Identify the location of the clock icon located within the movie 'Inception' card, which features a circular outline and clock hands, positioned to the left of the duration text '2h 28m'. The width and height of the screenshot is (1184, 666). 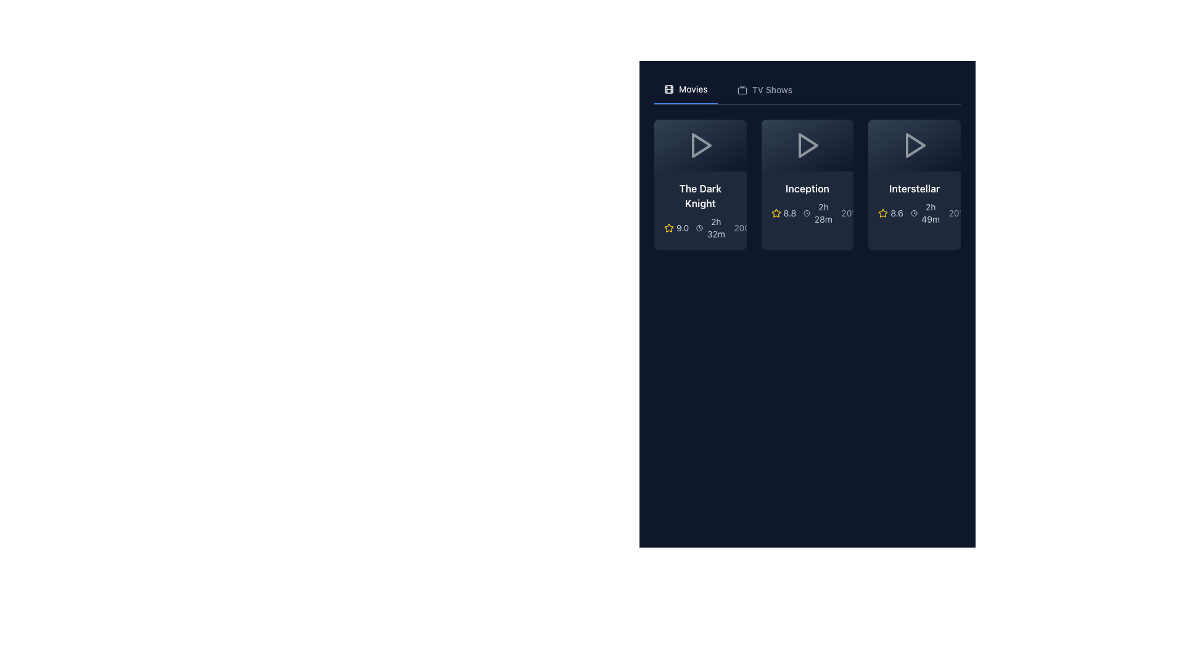
(807, 213).